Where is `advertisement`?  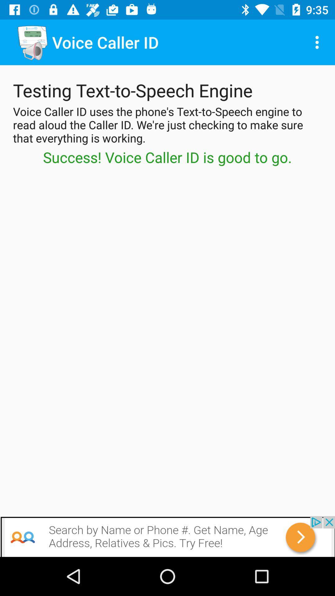 advertisement is located at coordinates (167, 536).